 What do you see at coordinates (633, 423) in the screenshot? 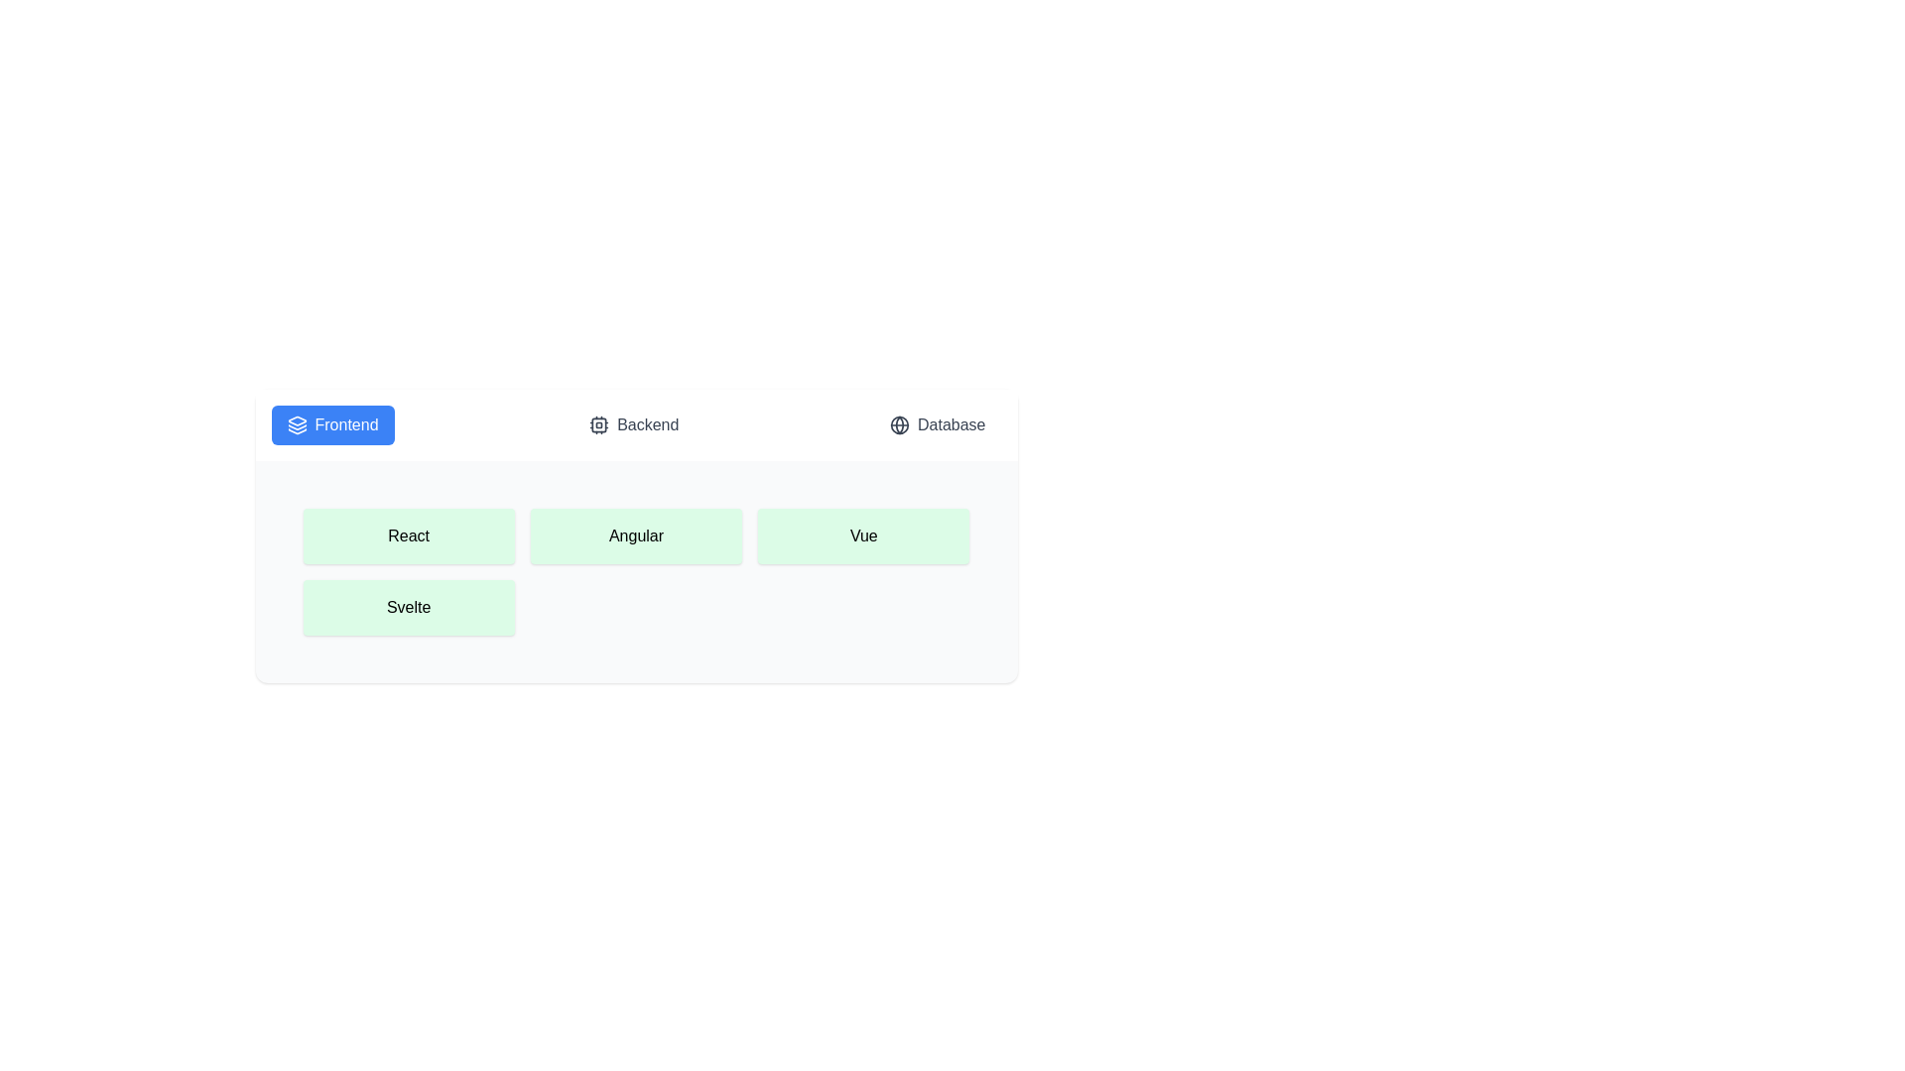
I see `the Backend tab to switch to it` at bounding box center [633, 423].